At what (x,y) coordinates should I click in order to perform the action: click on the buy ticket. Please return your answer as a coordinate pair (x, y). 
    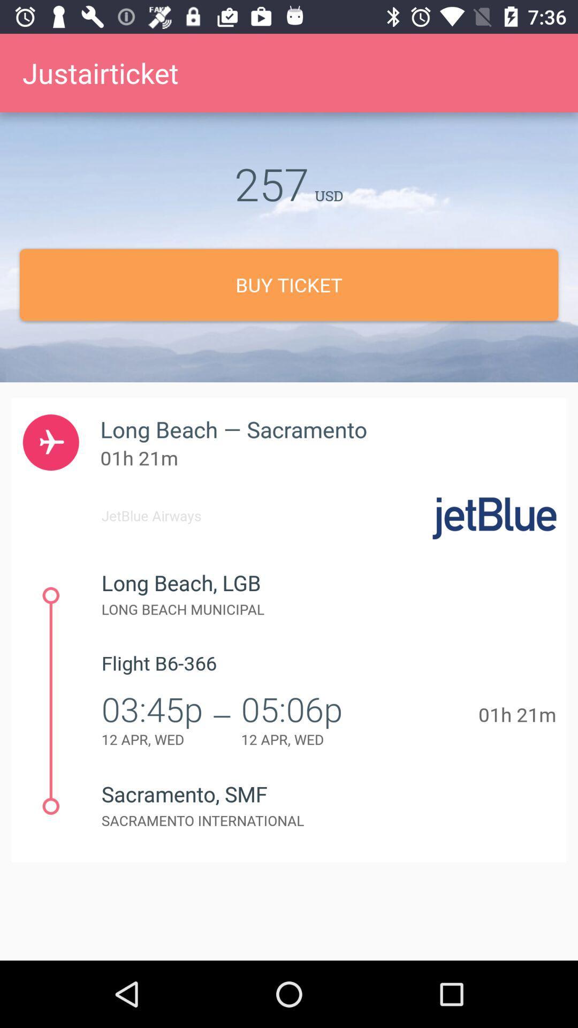
    Looking at the image, I should click on (289, 285).